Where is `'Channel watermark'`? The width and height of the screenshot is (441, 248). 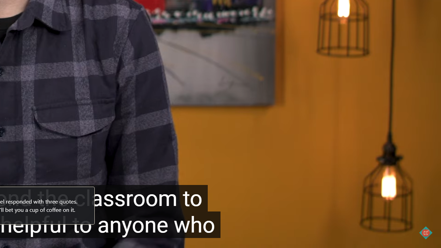 'Channel watermark' is located at coordinates (425, 232).